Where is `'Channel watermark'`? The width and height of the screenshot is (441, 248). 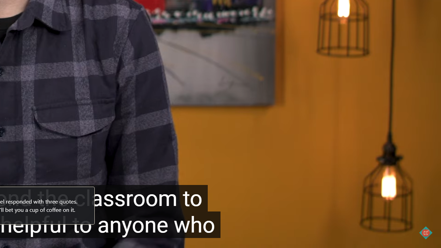 'Channel watermark' is located at coordinates (425, 232).